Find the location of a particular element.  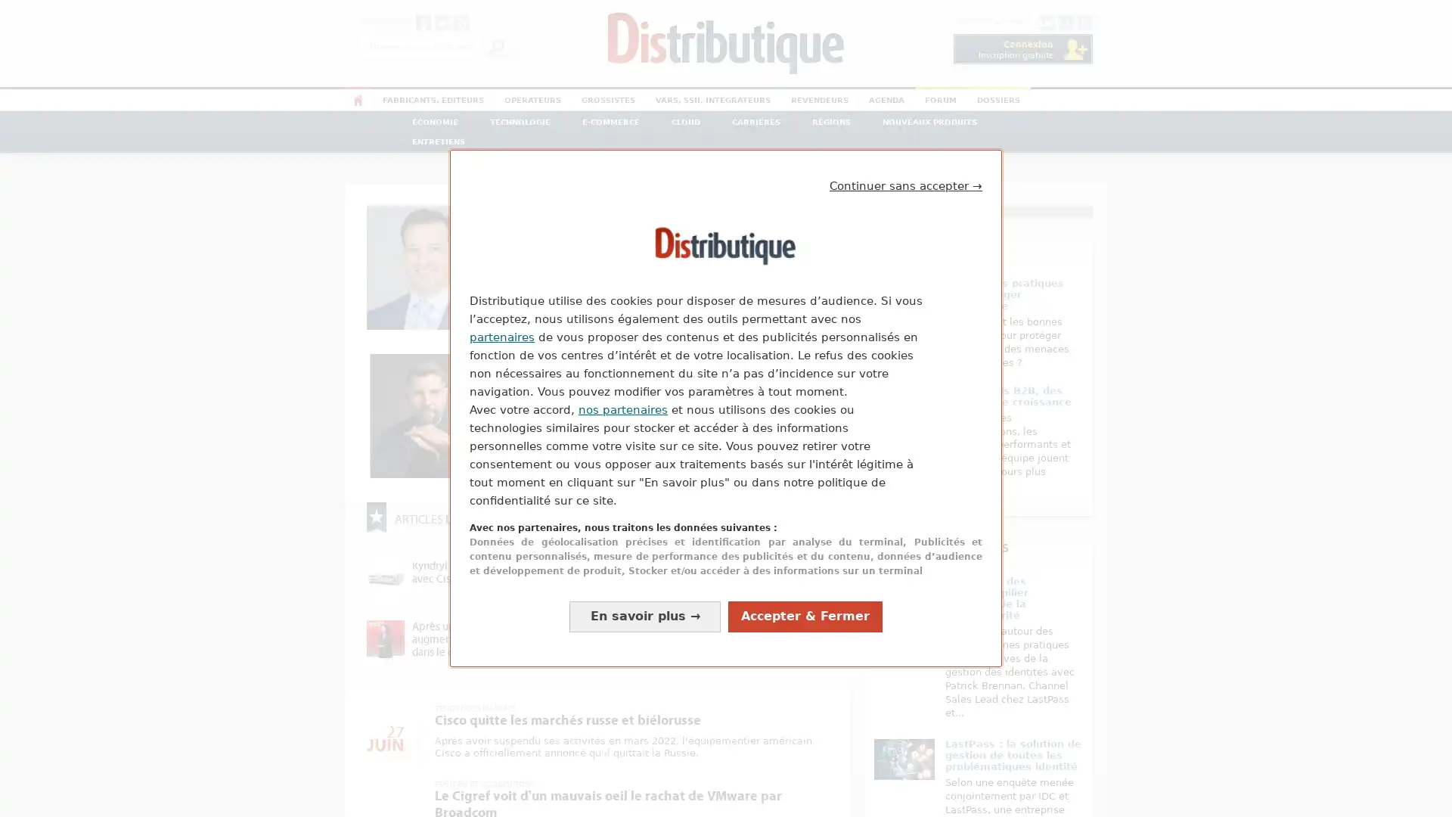

Continuer sans accepter is located at coordinates (906, 185).